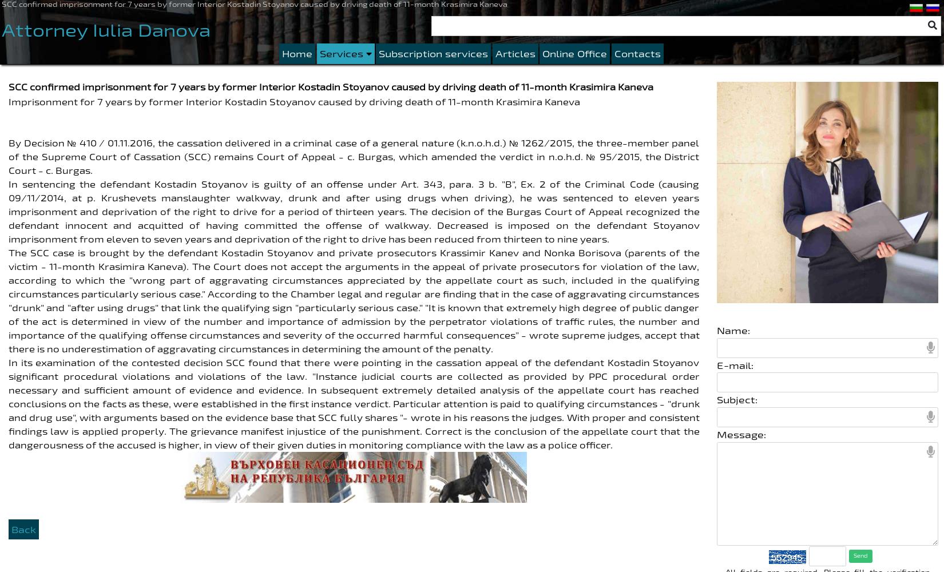 Image resolution: width=944 pixels, height=572 pixels. I want to click on 'Back', so click(11, 529).